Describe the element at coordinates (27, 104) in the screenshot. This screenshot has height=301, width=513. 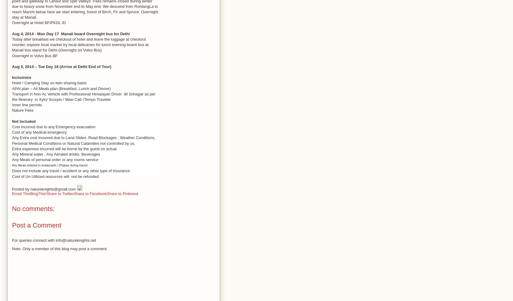
I see `'Inner line permits'` at that location.